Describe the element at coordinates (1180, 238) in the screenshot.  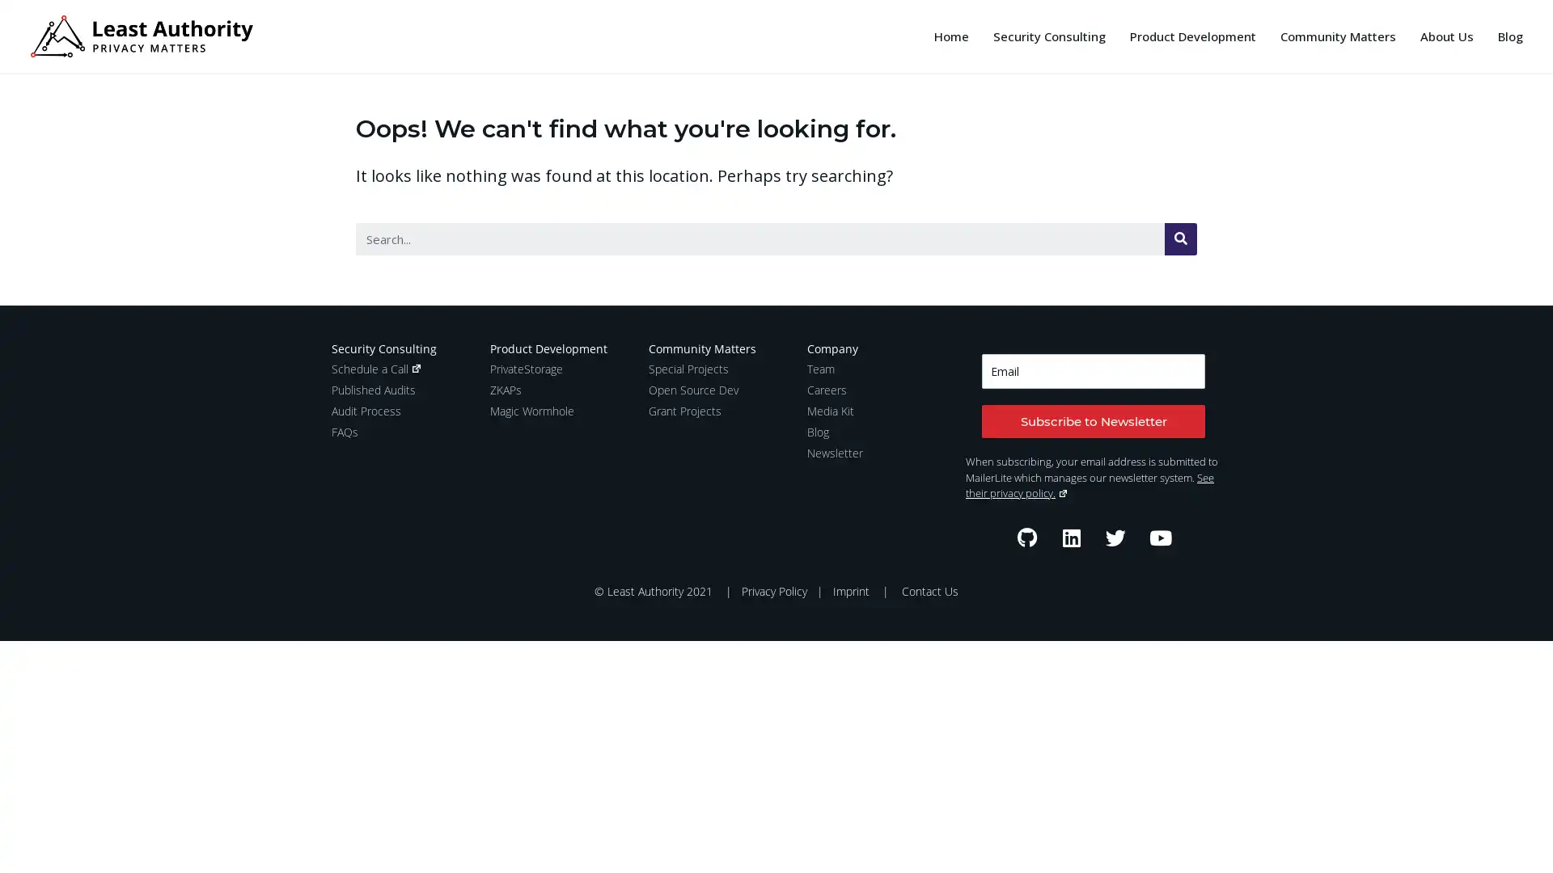
I see `Search` at that location.